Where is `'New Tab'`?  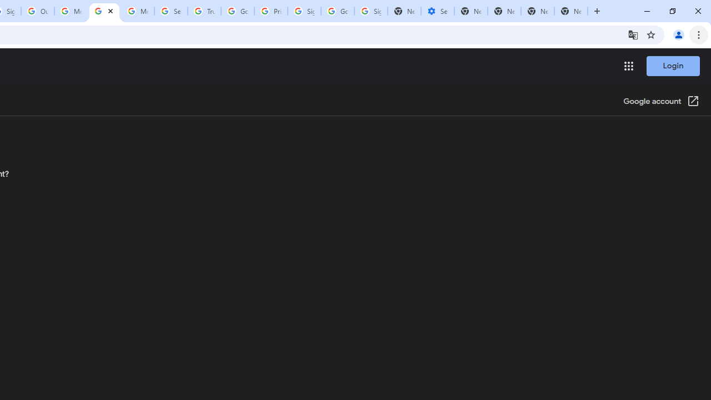 'New Tab' is located at coordinates (571, 11).